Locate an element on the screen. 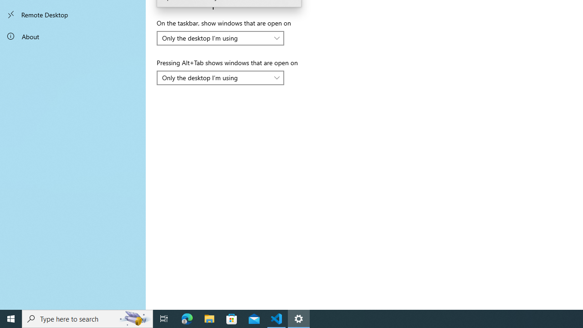 Image resolution: width=583 pixels, height=328 pixels. 'Task View' is located at coordinates (164, 318).